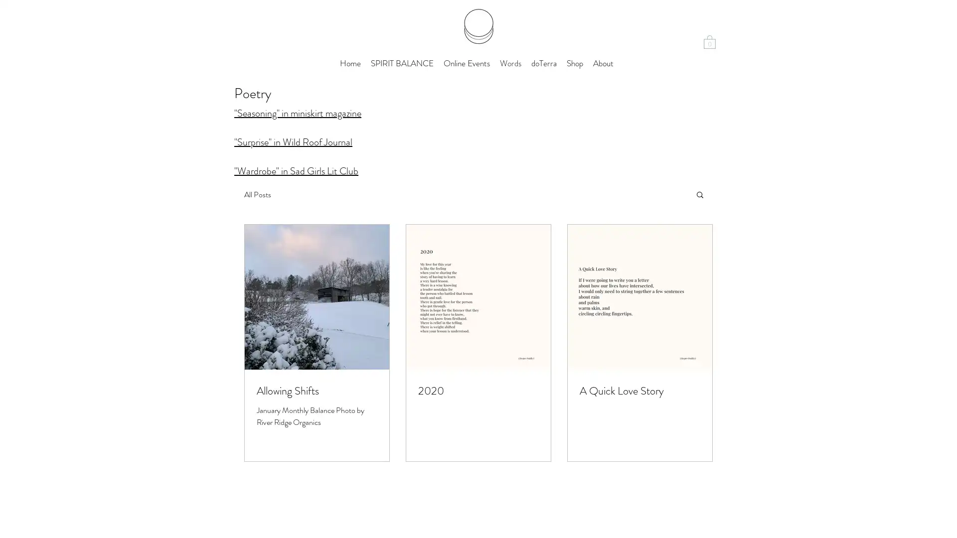 This screenshot has height=538, width=957. I want to click on All Posts, so click(258, 194).